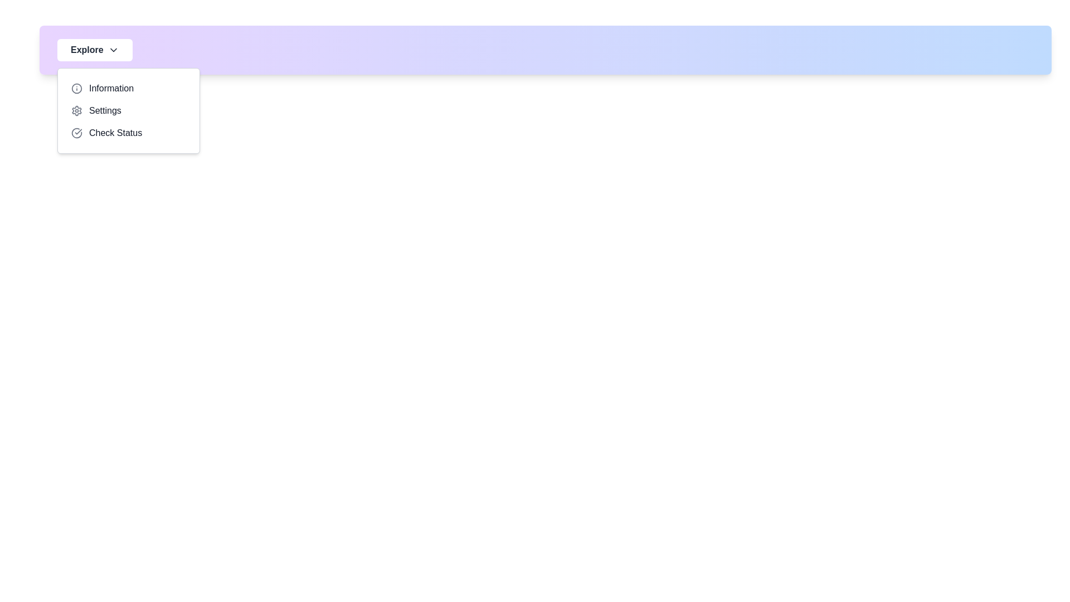 The image size is (1070, 602). Describe the element at coordinates (76, 111) in the screenshot. I see `the icon of Settings to trigger its feedback` at that location.